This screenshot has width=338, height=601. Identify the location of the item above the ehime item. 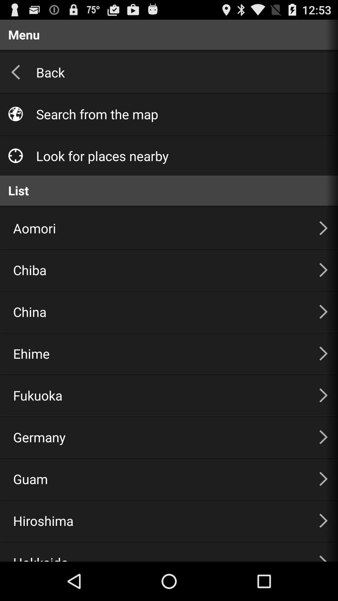
(158, 311).